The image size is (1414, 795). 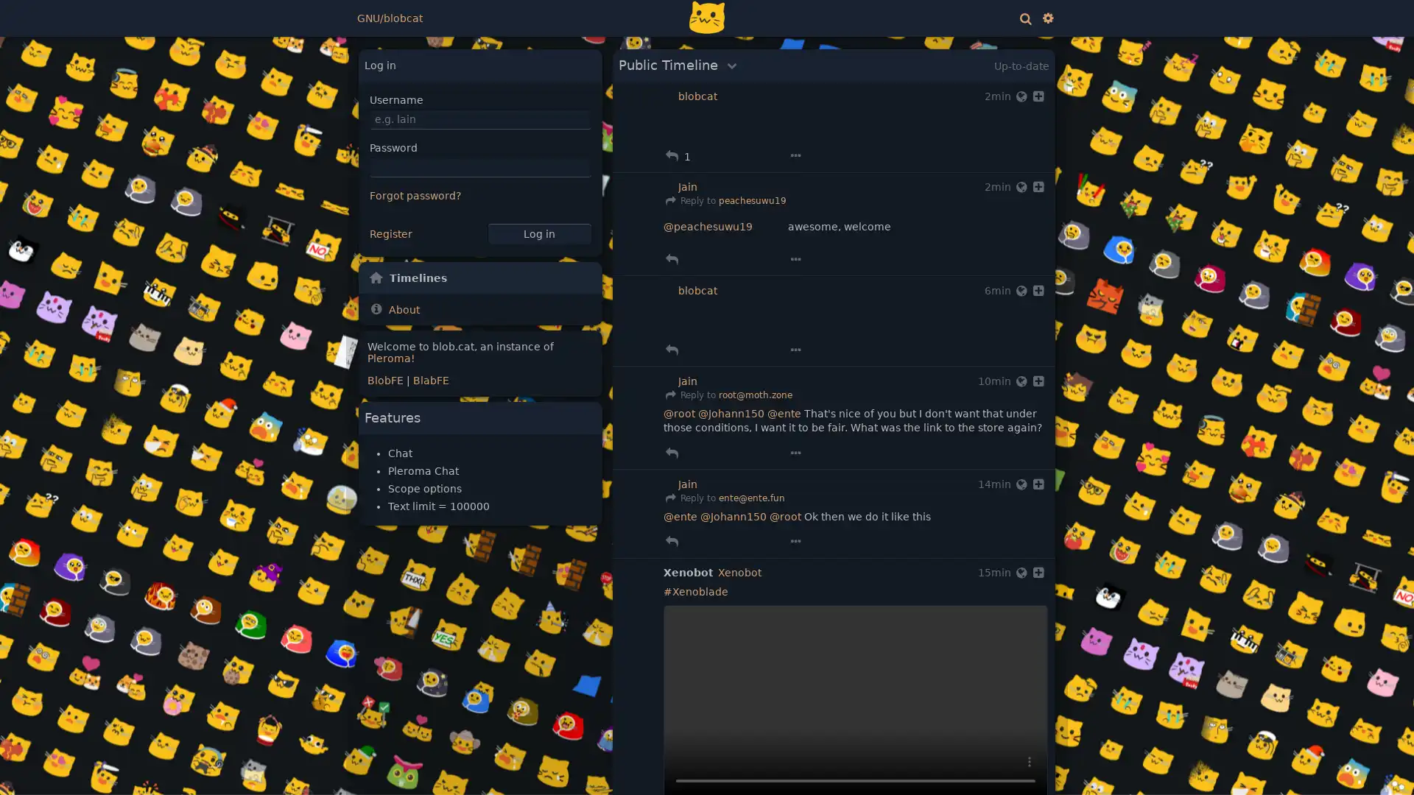 What do you see at coordinates (681, 760) in the screenshot?
I see `play` at bounding box center [681, 760].